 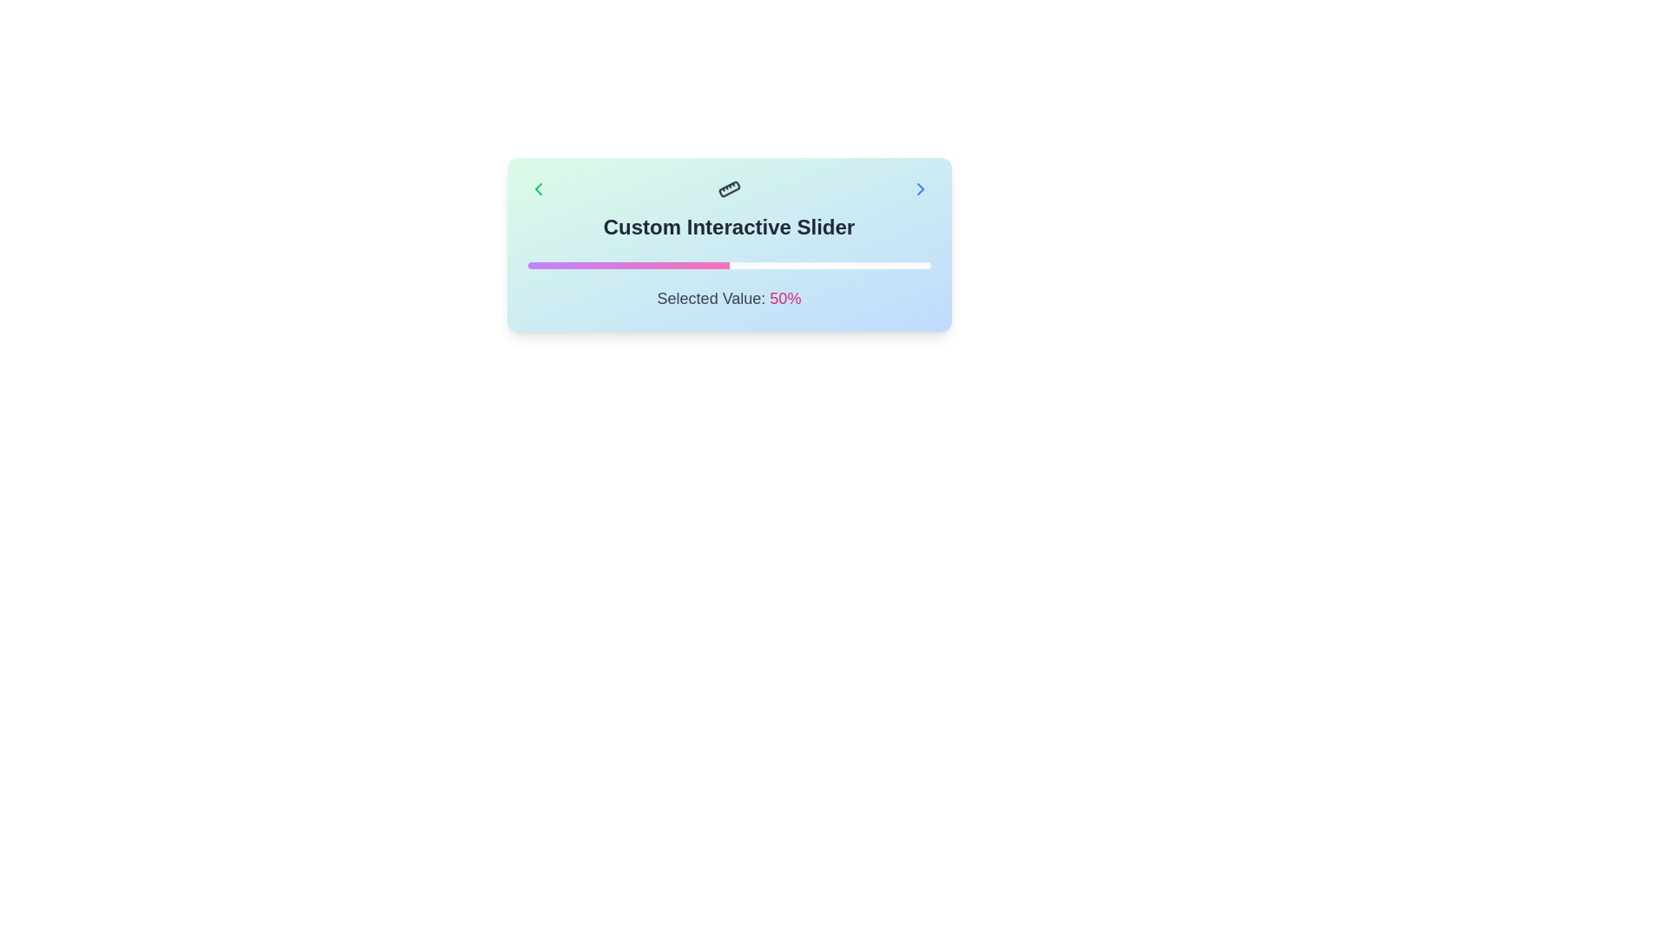 What do you see at coordinates (627, 265) in the screenshot?
I see `the decorative fill portion of the progress bar, which indicates 50% completion in the slider component` at bounding box center [627, 265].